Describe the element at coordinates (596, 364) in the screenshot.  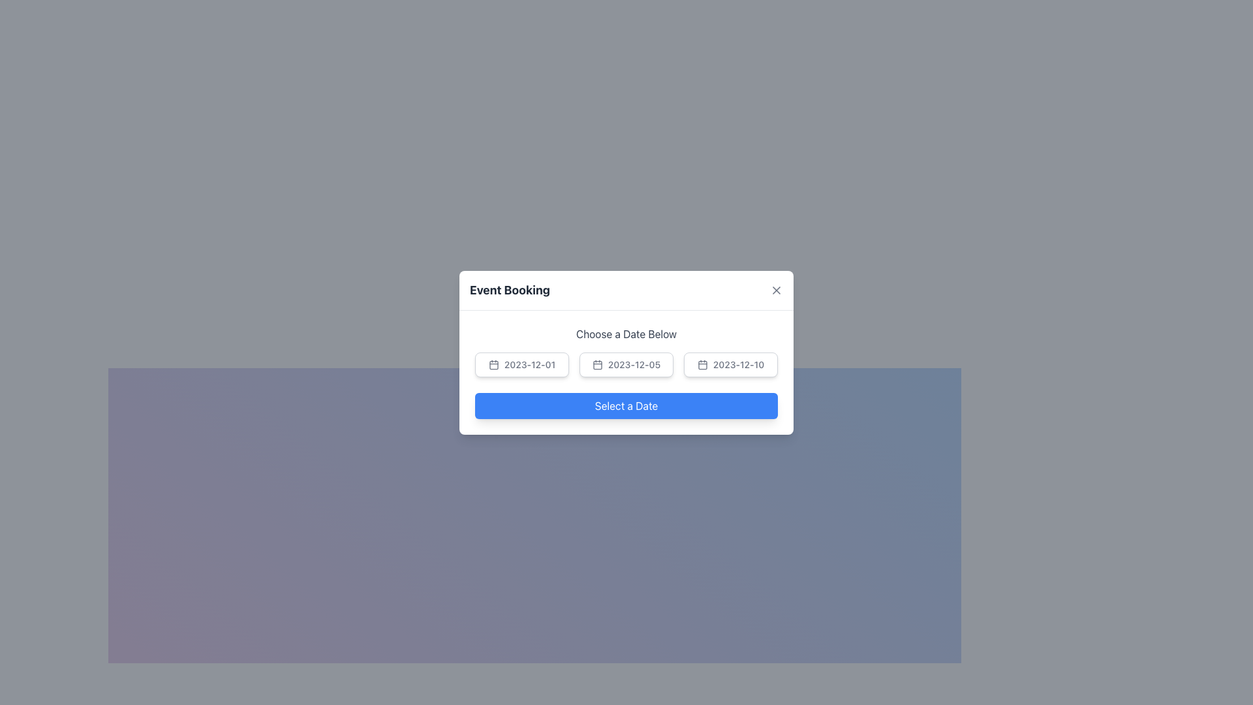
I see `the middle button containing the calendar icon associated with the date '2023-12-05'` at that location.